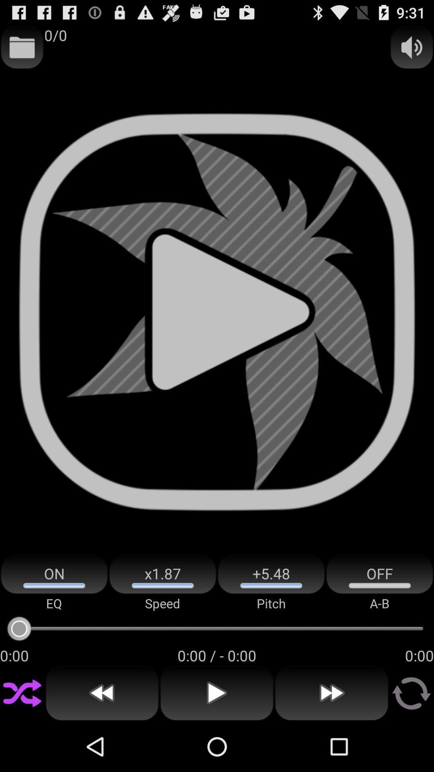 The width and height of the screenshot is (434, 772). I want to click on the item below 0 00 0 icon, so click(216, 693).